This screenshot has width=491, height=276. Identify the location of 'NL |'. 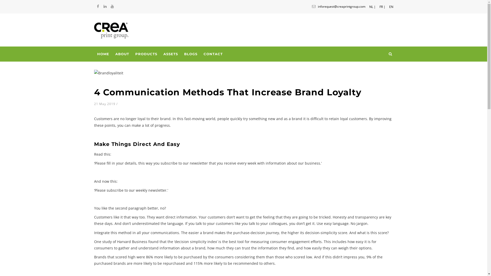
(372, 6).